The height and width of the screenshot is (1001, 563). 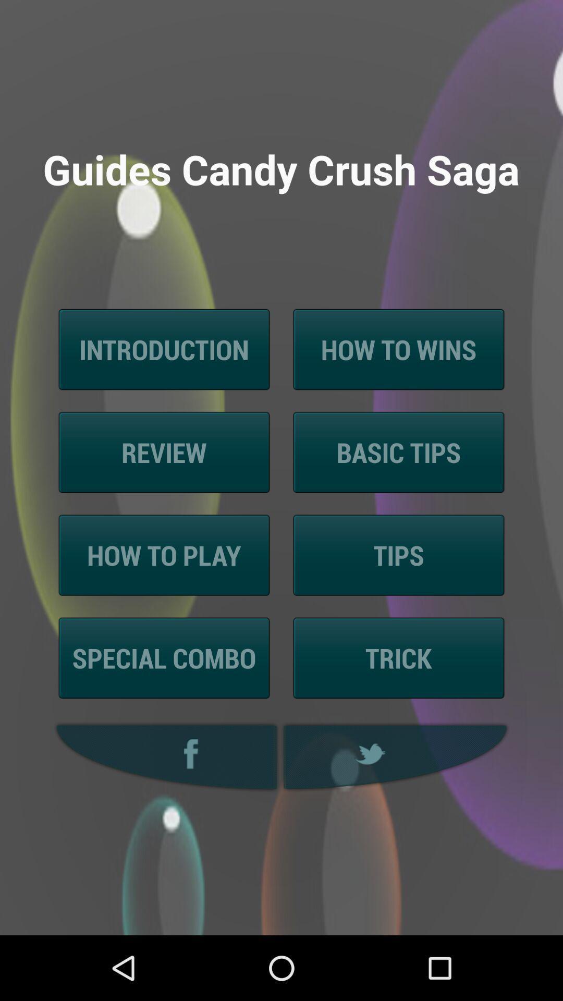 I want to click on the review item, so click(x=164, y=452).